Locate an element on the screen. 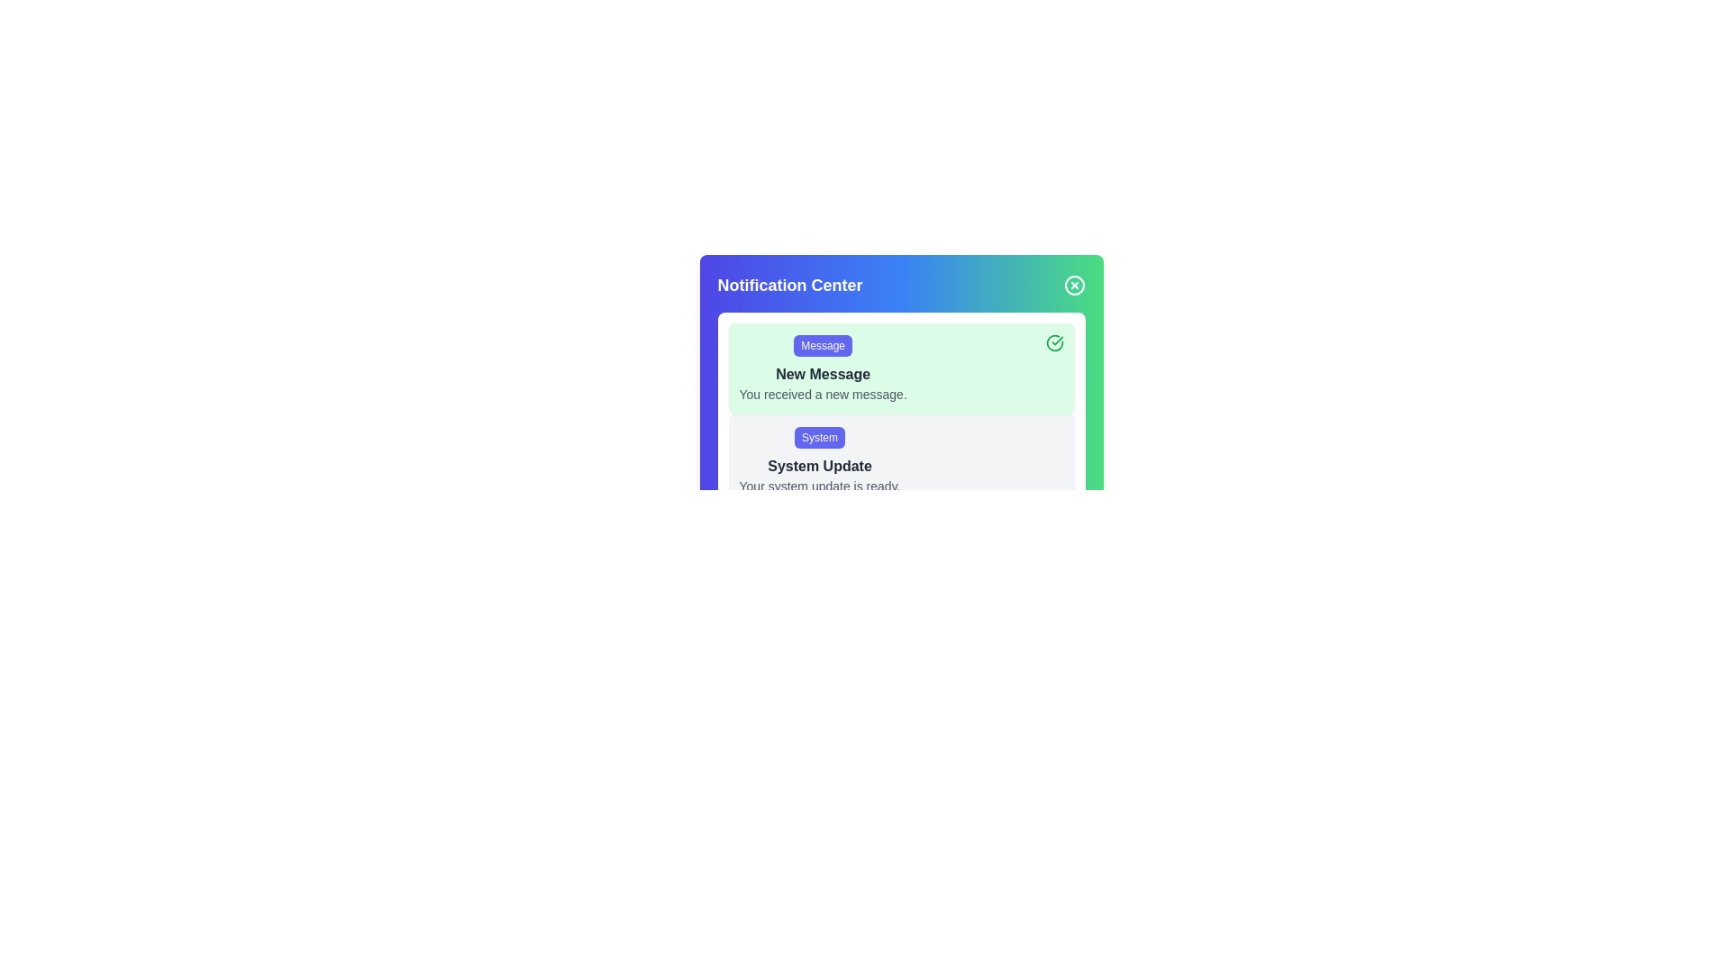 Image resolution: width=1730 pixels, height=973 pixels. the bold text label displaying 'Notification Center' located in the gradient-colored header area of the notification interface is located at coordinates (790, 284).